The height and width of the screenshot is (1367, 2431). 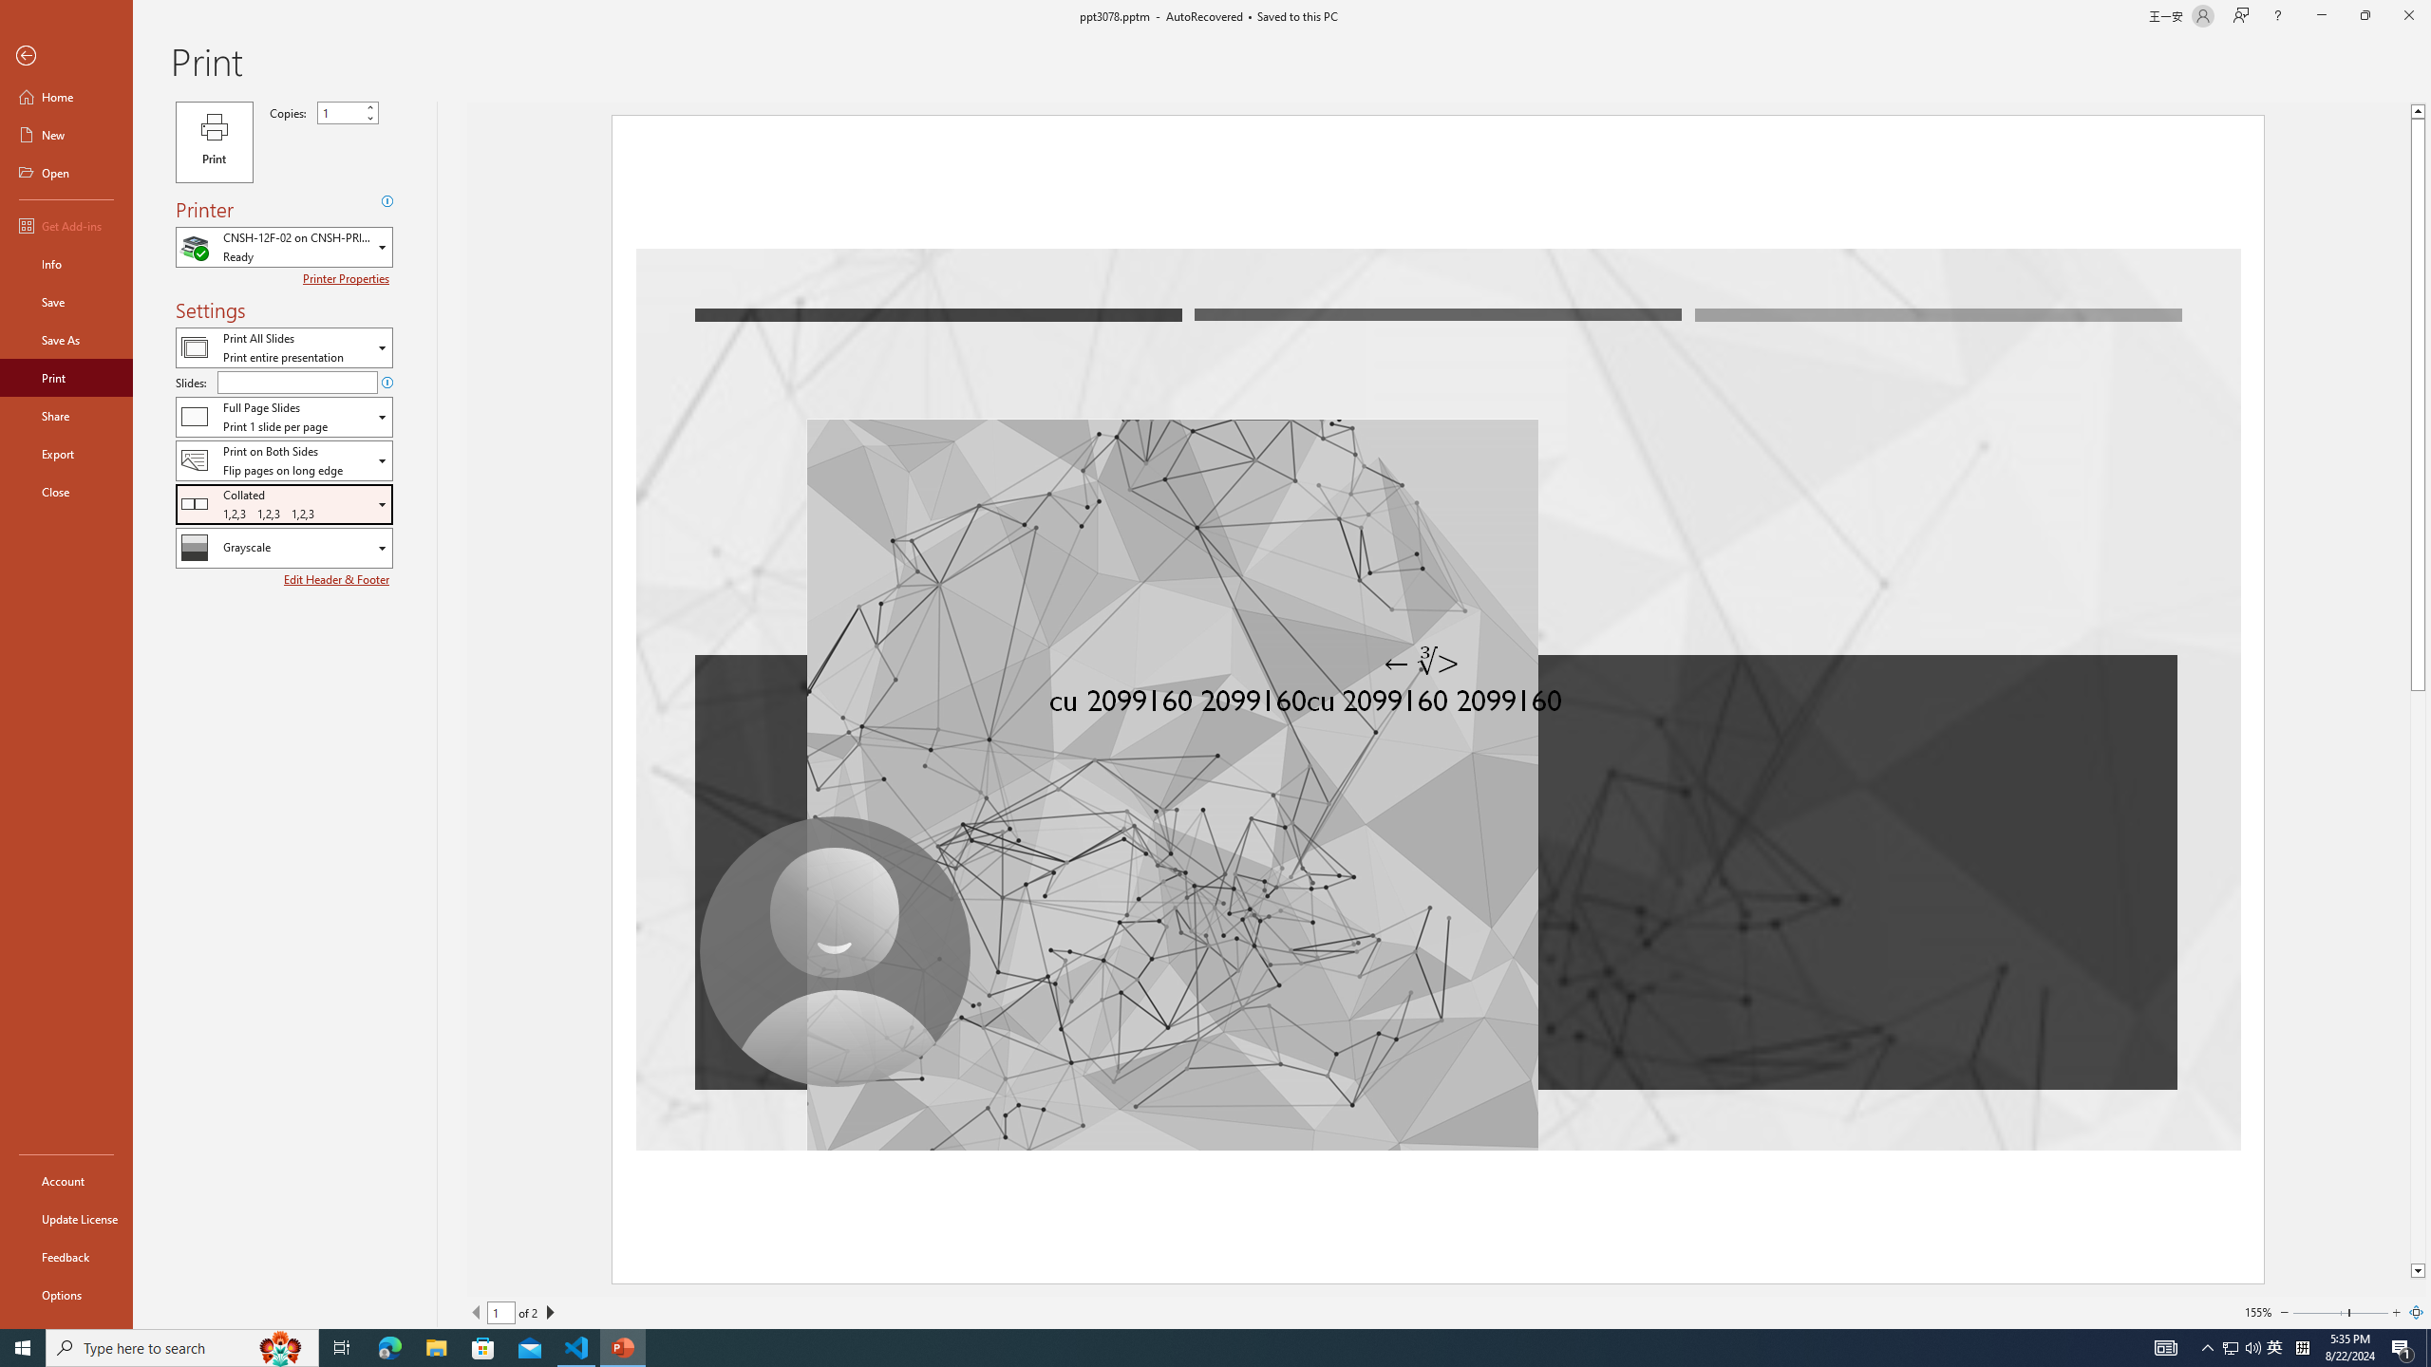 What do you see at coordinates (66, 1294) in the screenshot?
I see `'Options'` at bounding box center [66, 1294].